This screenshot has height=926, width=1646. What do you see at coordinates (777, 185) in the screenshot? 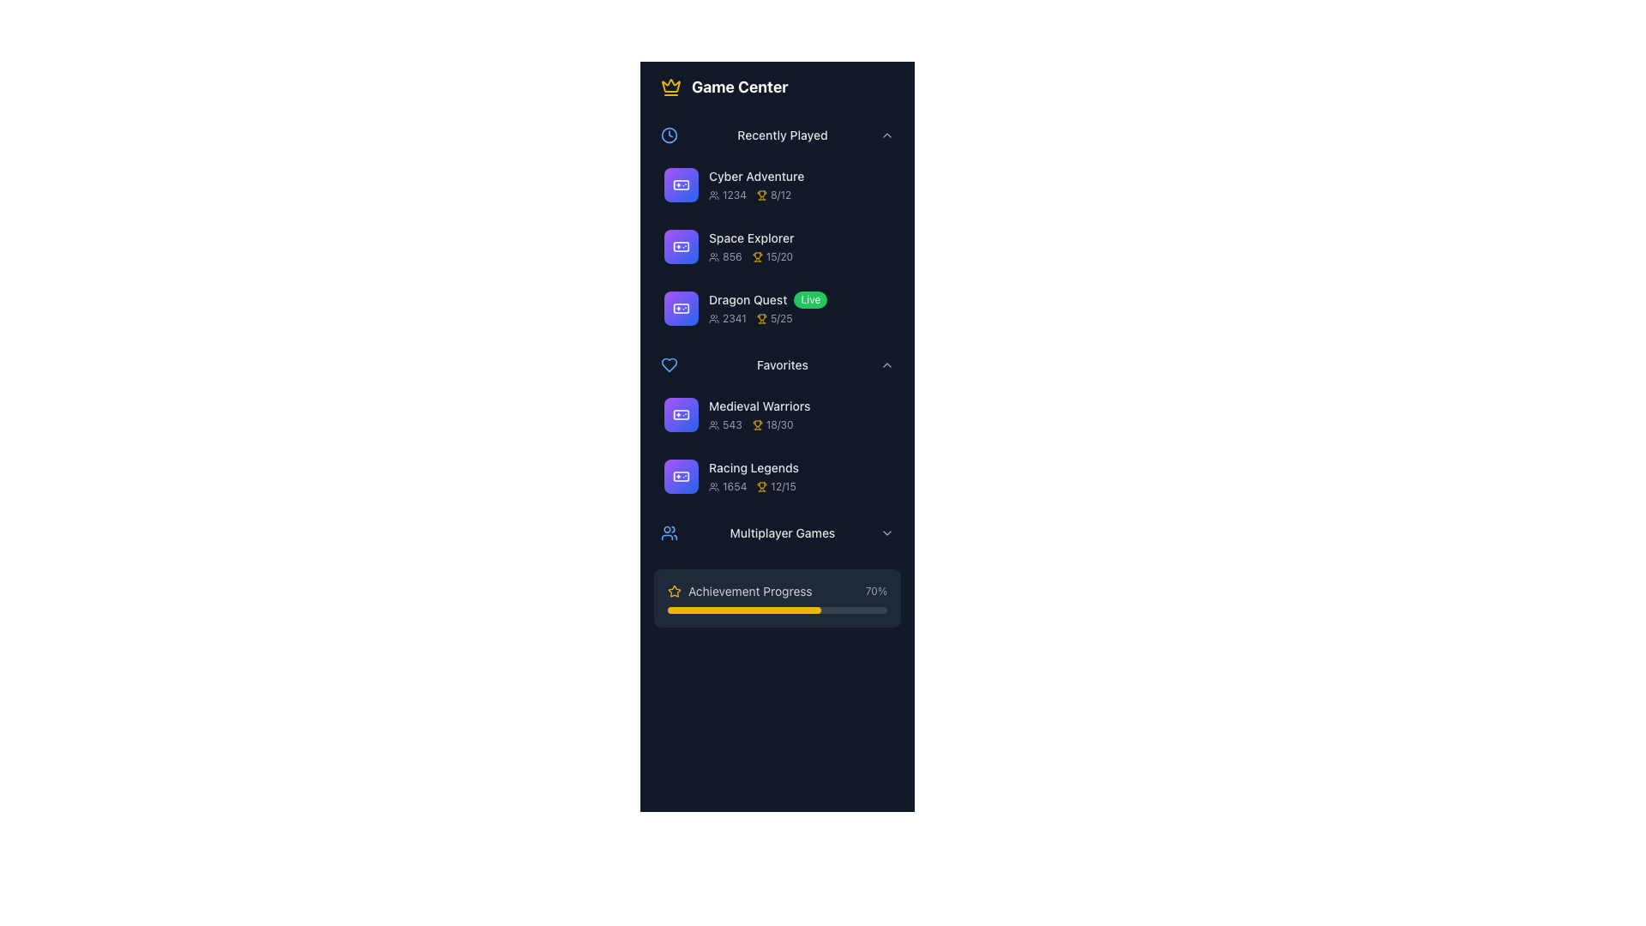
I see `the first item` at bounding box center [777, 185].